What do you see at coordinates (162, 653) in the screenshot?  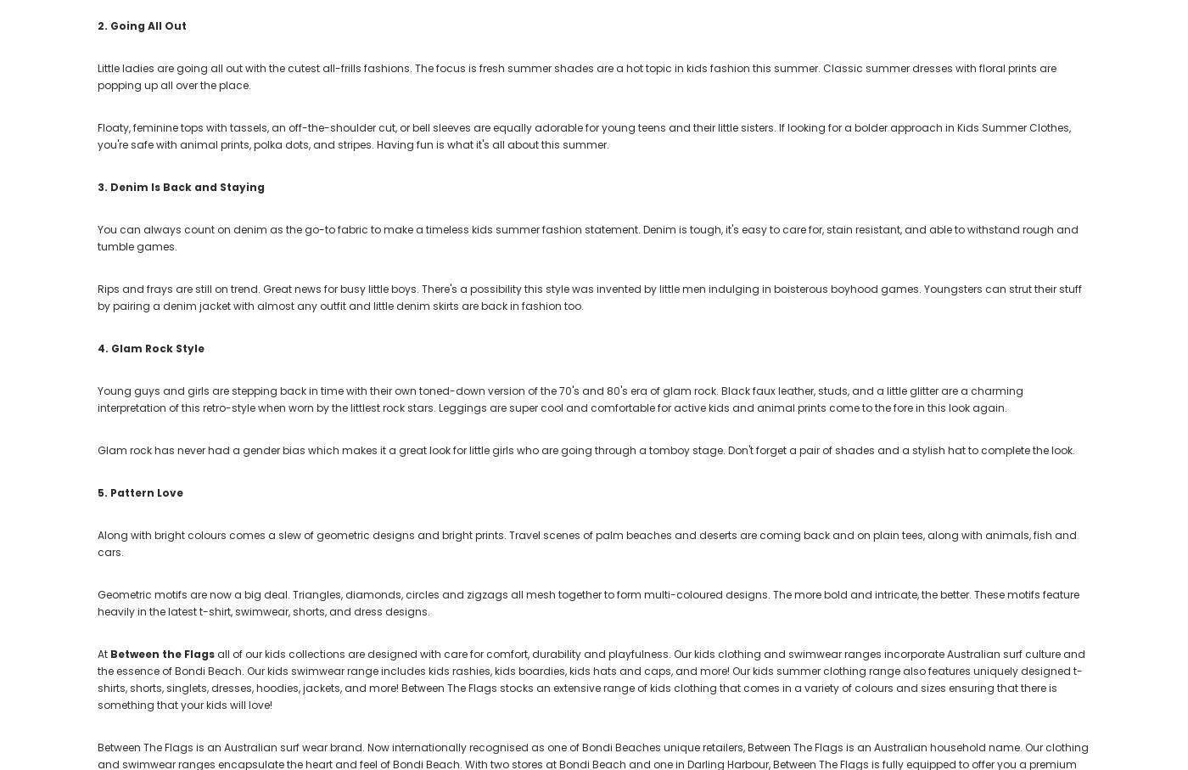 I see `'Between the Flags'` at bounding box center [162, 653].